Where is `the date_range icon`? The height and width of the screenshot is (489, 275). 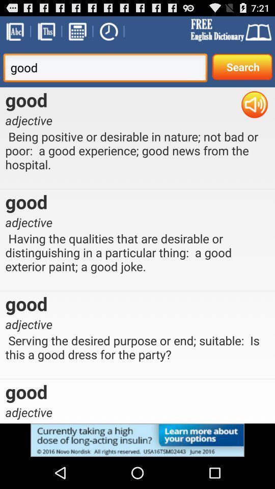
the date_range icon is located at coordinates (76, 33).